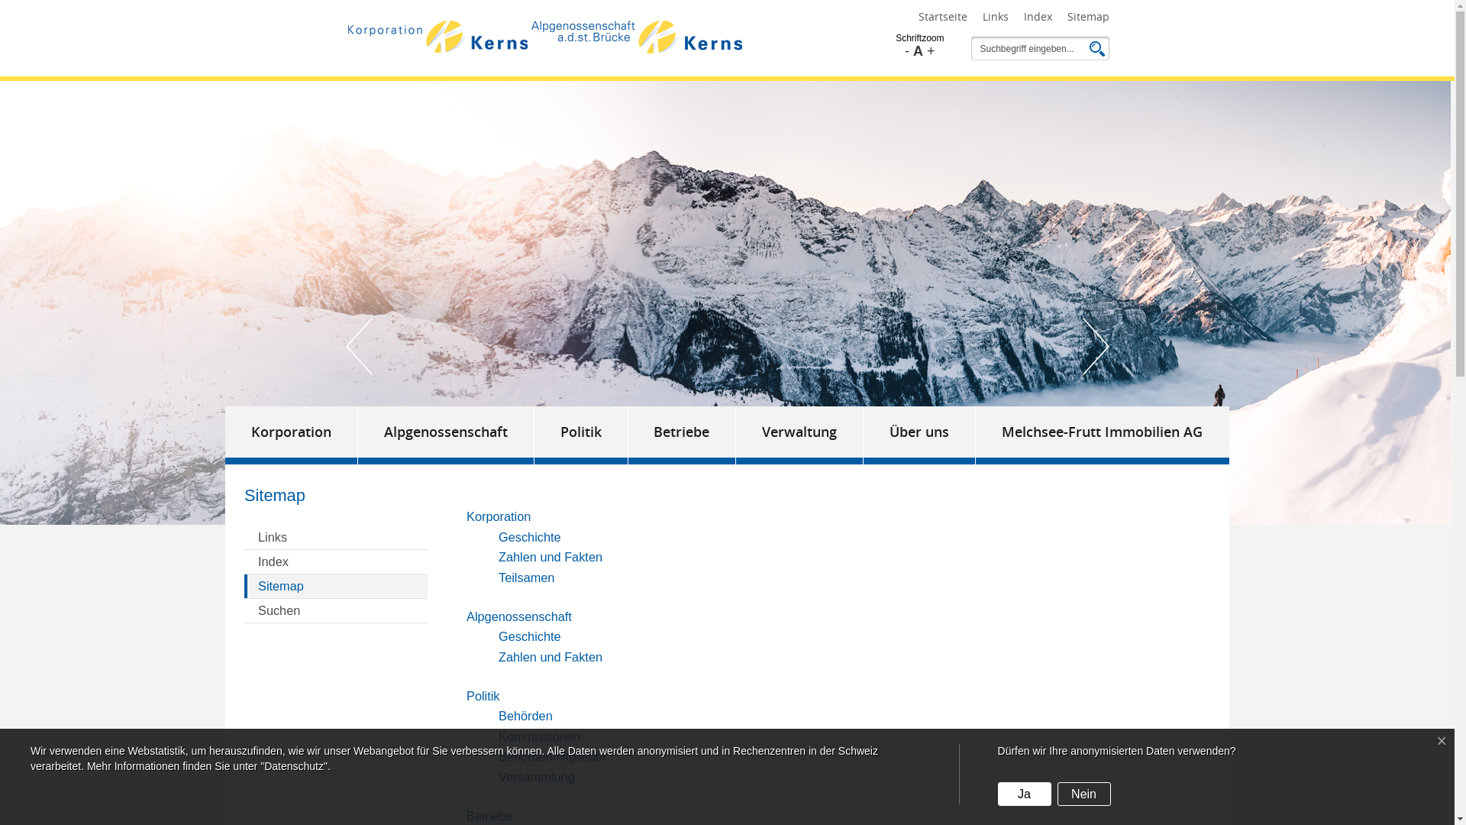  I want to click on 'Teilsamen', so click(526, 577).